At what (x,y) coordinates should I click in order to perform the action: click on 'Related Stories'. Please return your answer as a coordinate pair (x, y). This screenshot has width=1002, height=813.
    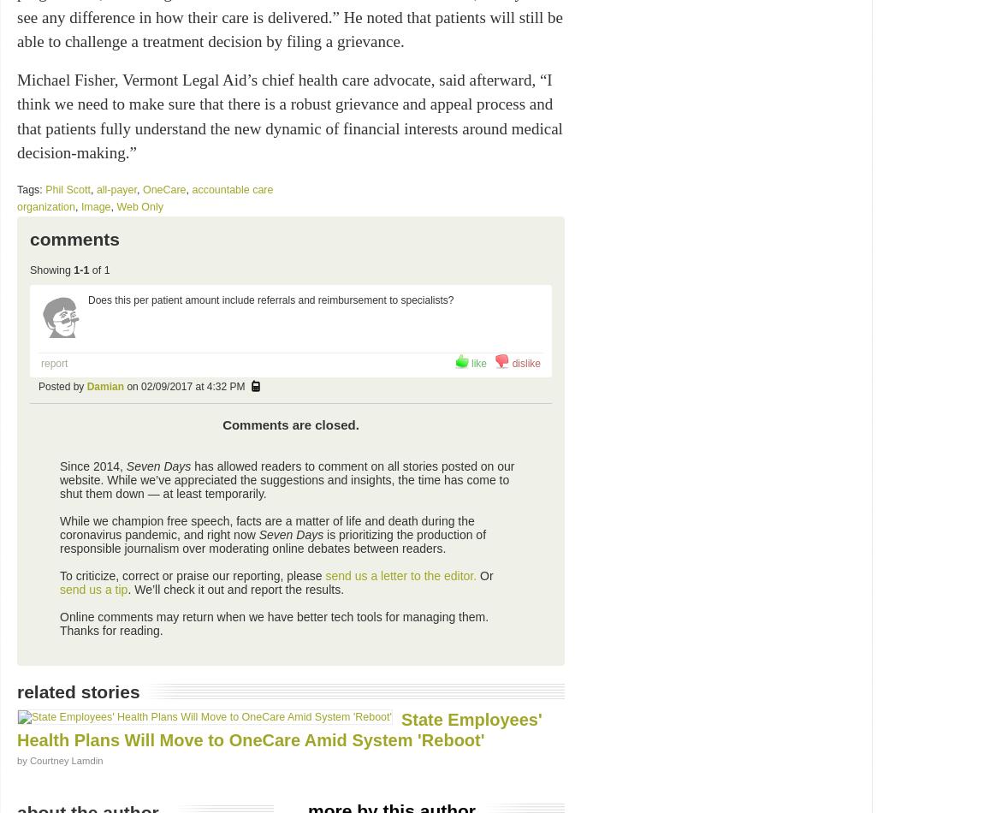
    Looking at the image, I should click on (17, 690).